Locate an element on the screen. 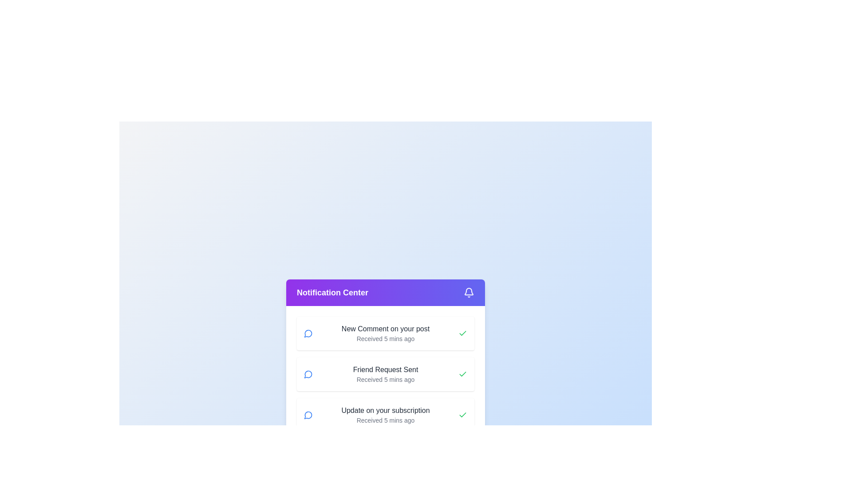 This screenshot has height=479, width=852. notification text that displays 'Friend Request Sent' and 'Received 5 mins ago', which is the second item in the notification list is located at coordinates (385, 374).